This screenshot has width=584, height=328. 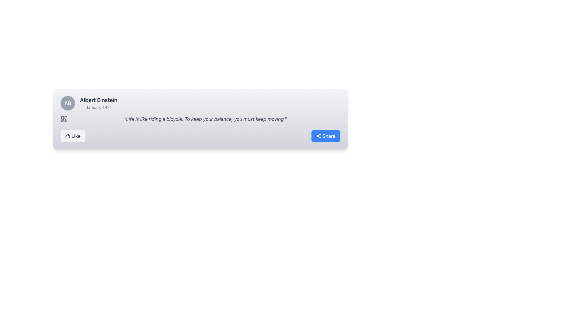 I want to click on the text display block containing the quotation 'Life is like riding a bicycle. To keep your balance, you must keep moving.', which is styled in italic and gray, located below 'Albert Einstein - January 1921', so click(x=200, y=119).